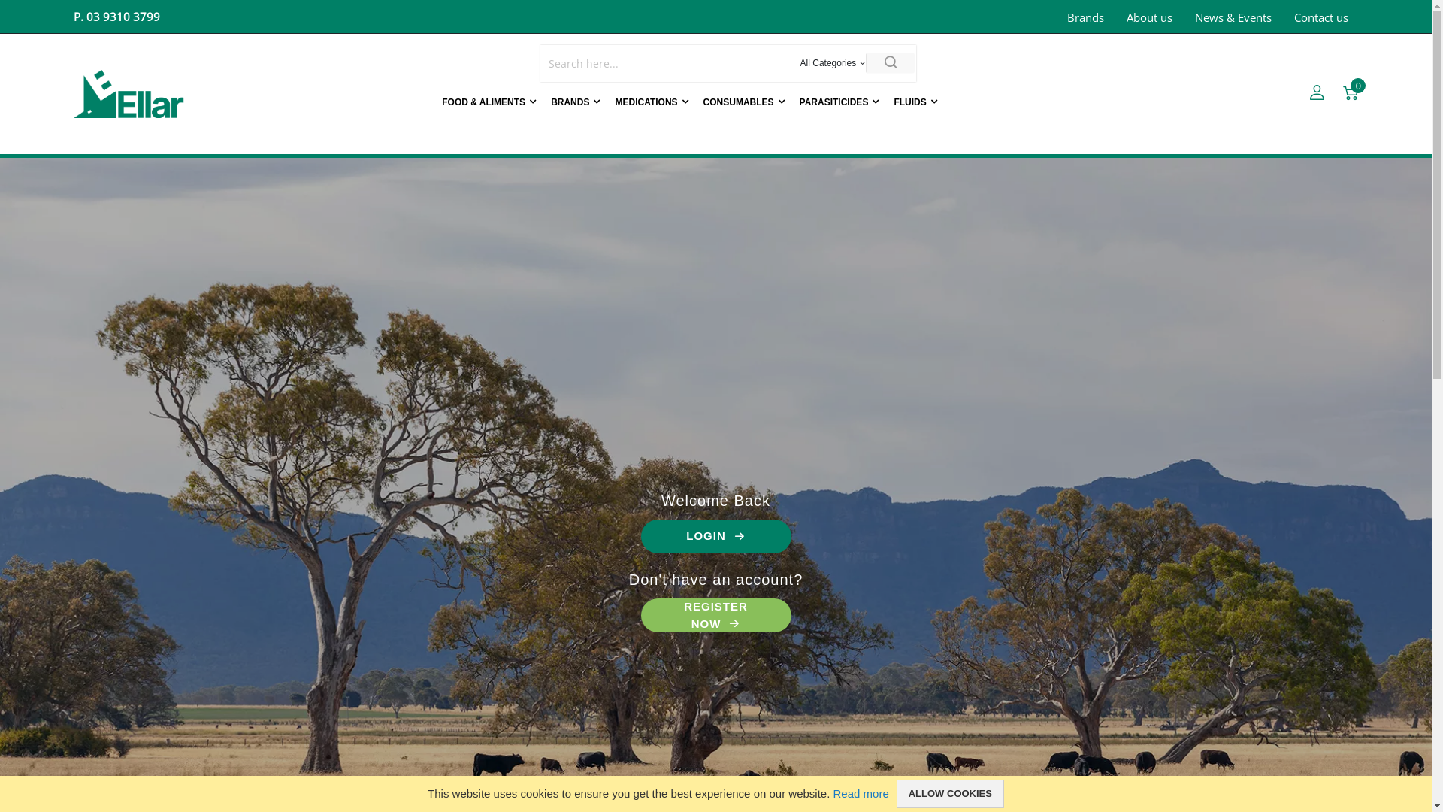 The height and width of the screenshot is (812, 1443). I want to click on 'Cart, so click(1342, 94).